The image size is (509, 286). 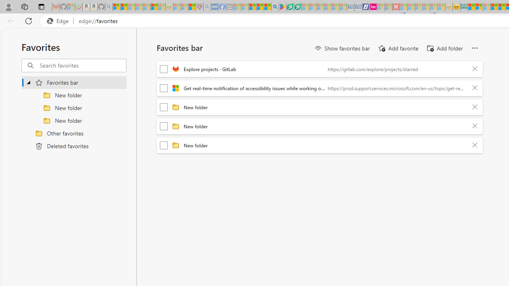 What do you see at coordinates (464, 7) in the screenshot?
I see `'DITOGAMES AG Imprint'` at bounding box center [464, 7].